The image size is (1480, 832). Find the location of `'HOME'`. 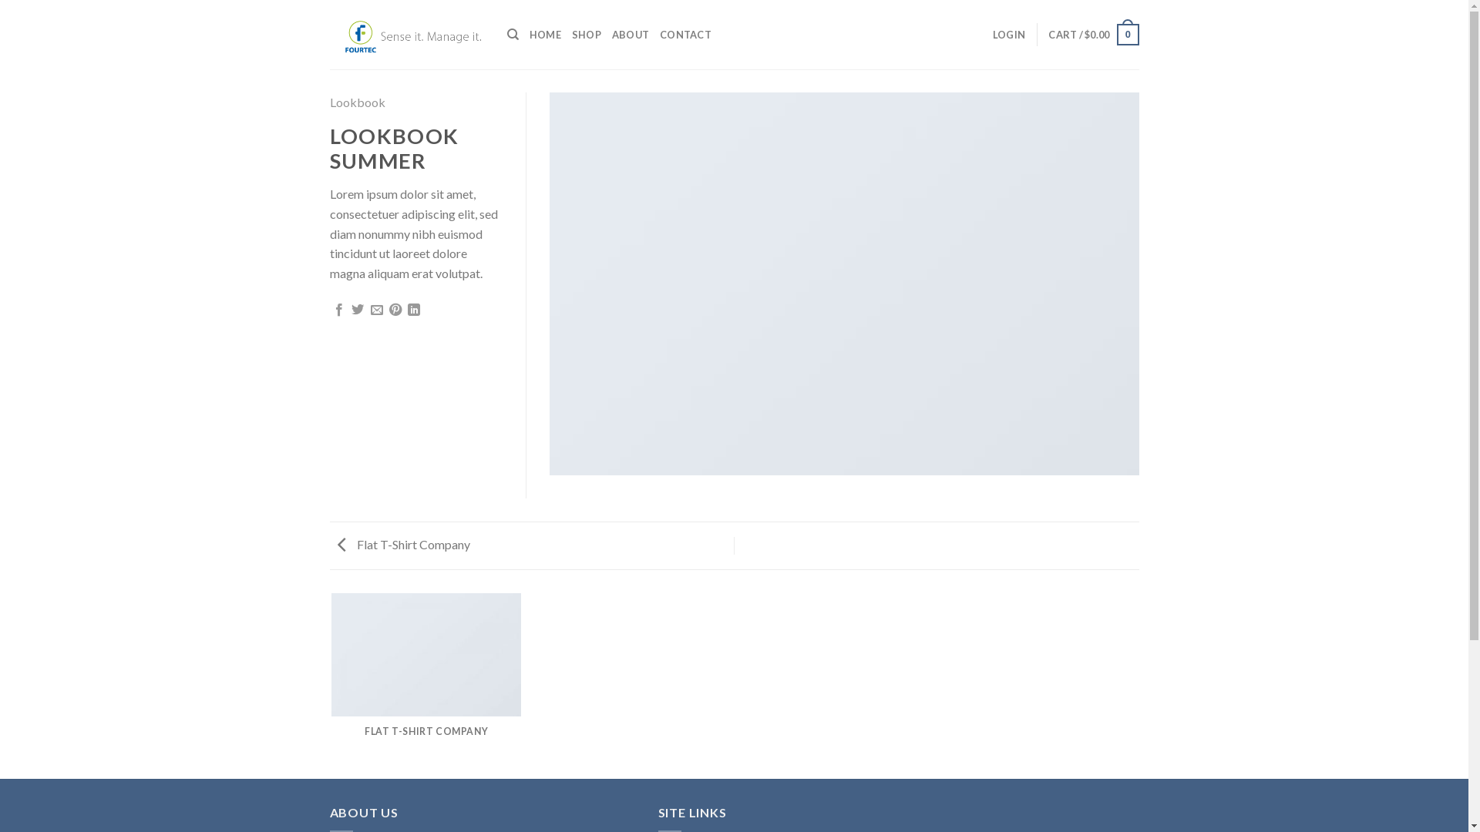

'HOME' is located at coordinates (545, 35).